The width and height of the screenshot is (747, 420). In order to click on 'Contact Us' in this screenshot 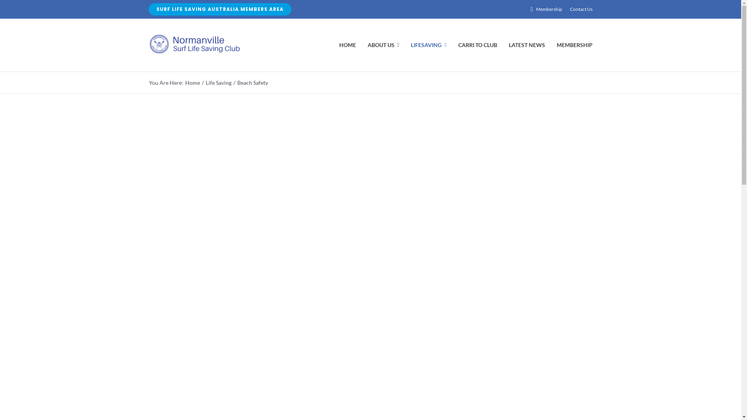, I will do `click(581, 9)`.